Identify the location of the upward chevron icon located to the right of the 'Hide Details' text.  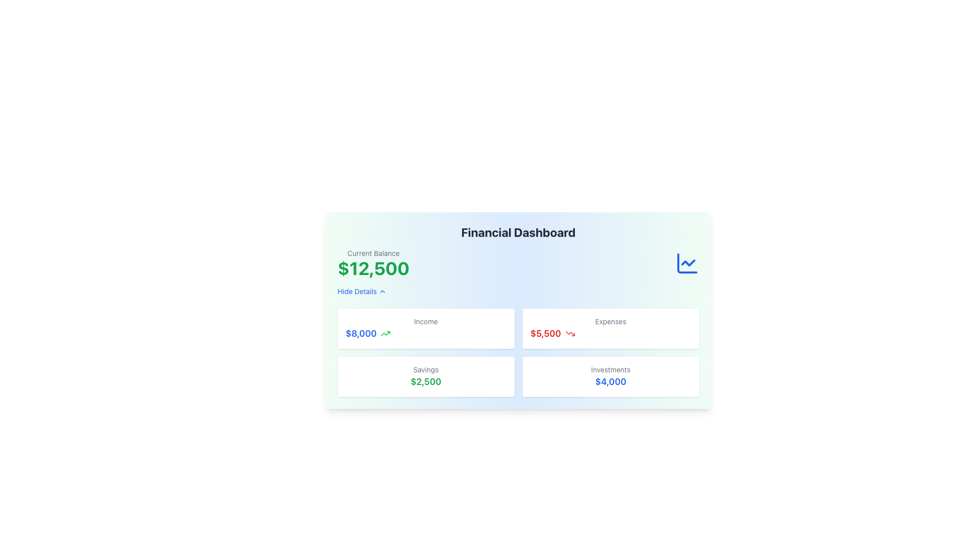
(382, 292).